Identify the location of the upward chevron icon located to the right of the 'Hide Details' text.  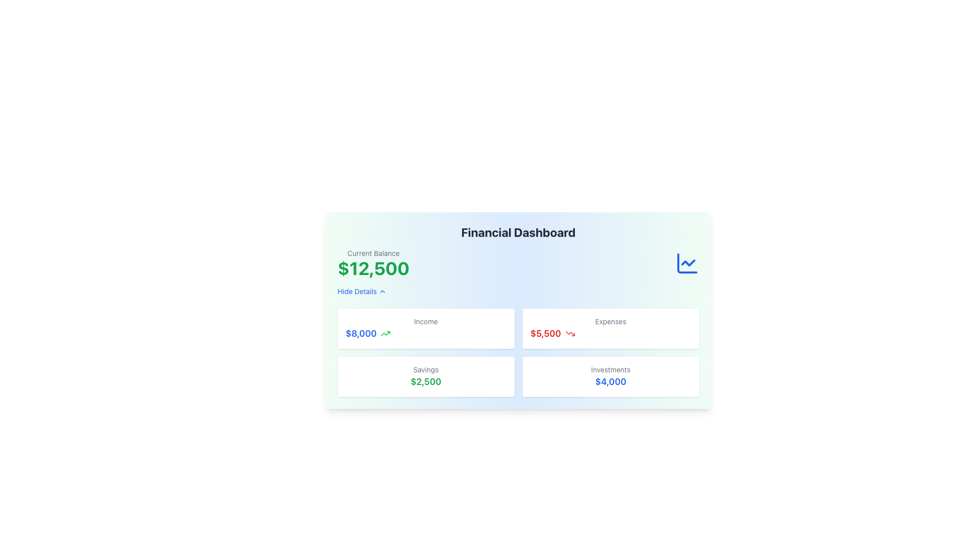
(382, 292).